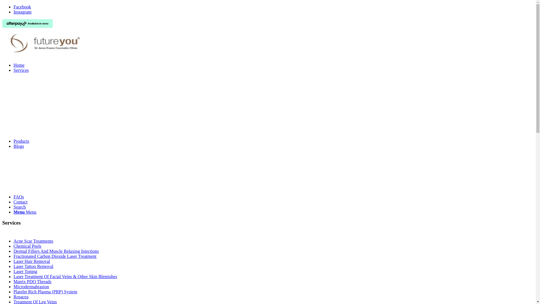 This screenshot has height=304, width=540. Describe the element at coordinates (13, 271) in the screenshot. I see `'Laser Toning'` at that location.